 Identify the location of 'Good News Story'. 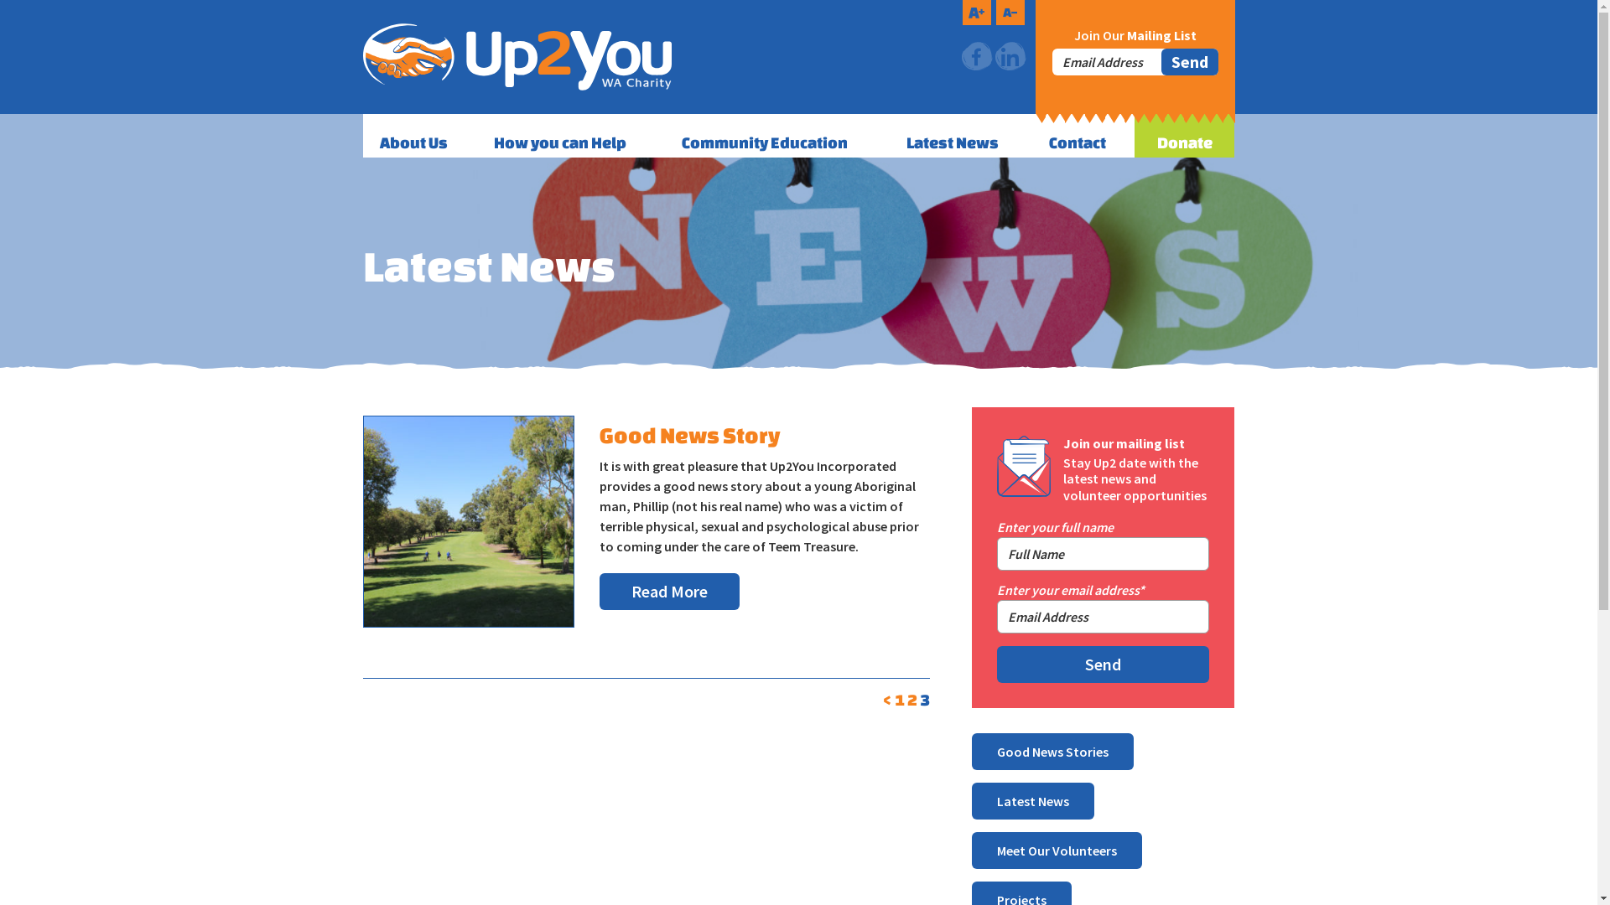
(689, 434).